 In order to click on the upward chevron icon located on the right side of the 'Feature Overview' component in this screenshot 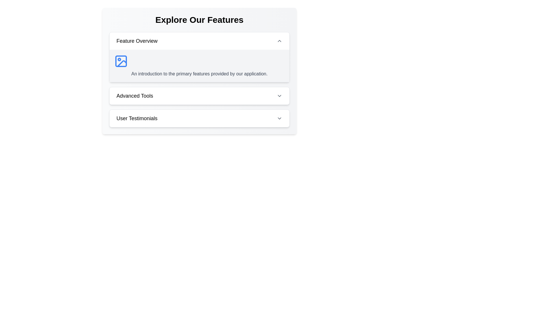, I will do `click(279, 41)`.